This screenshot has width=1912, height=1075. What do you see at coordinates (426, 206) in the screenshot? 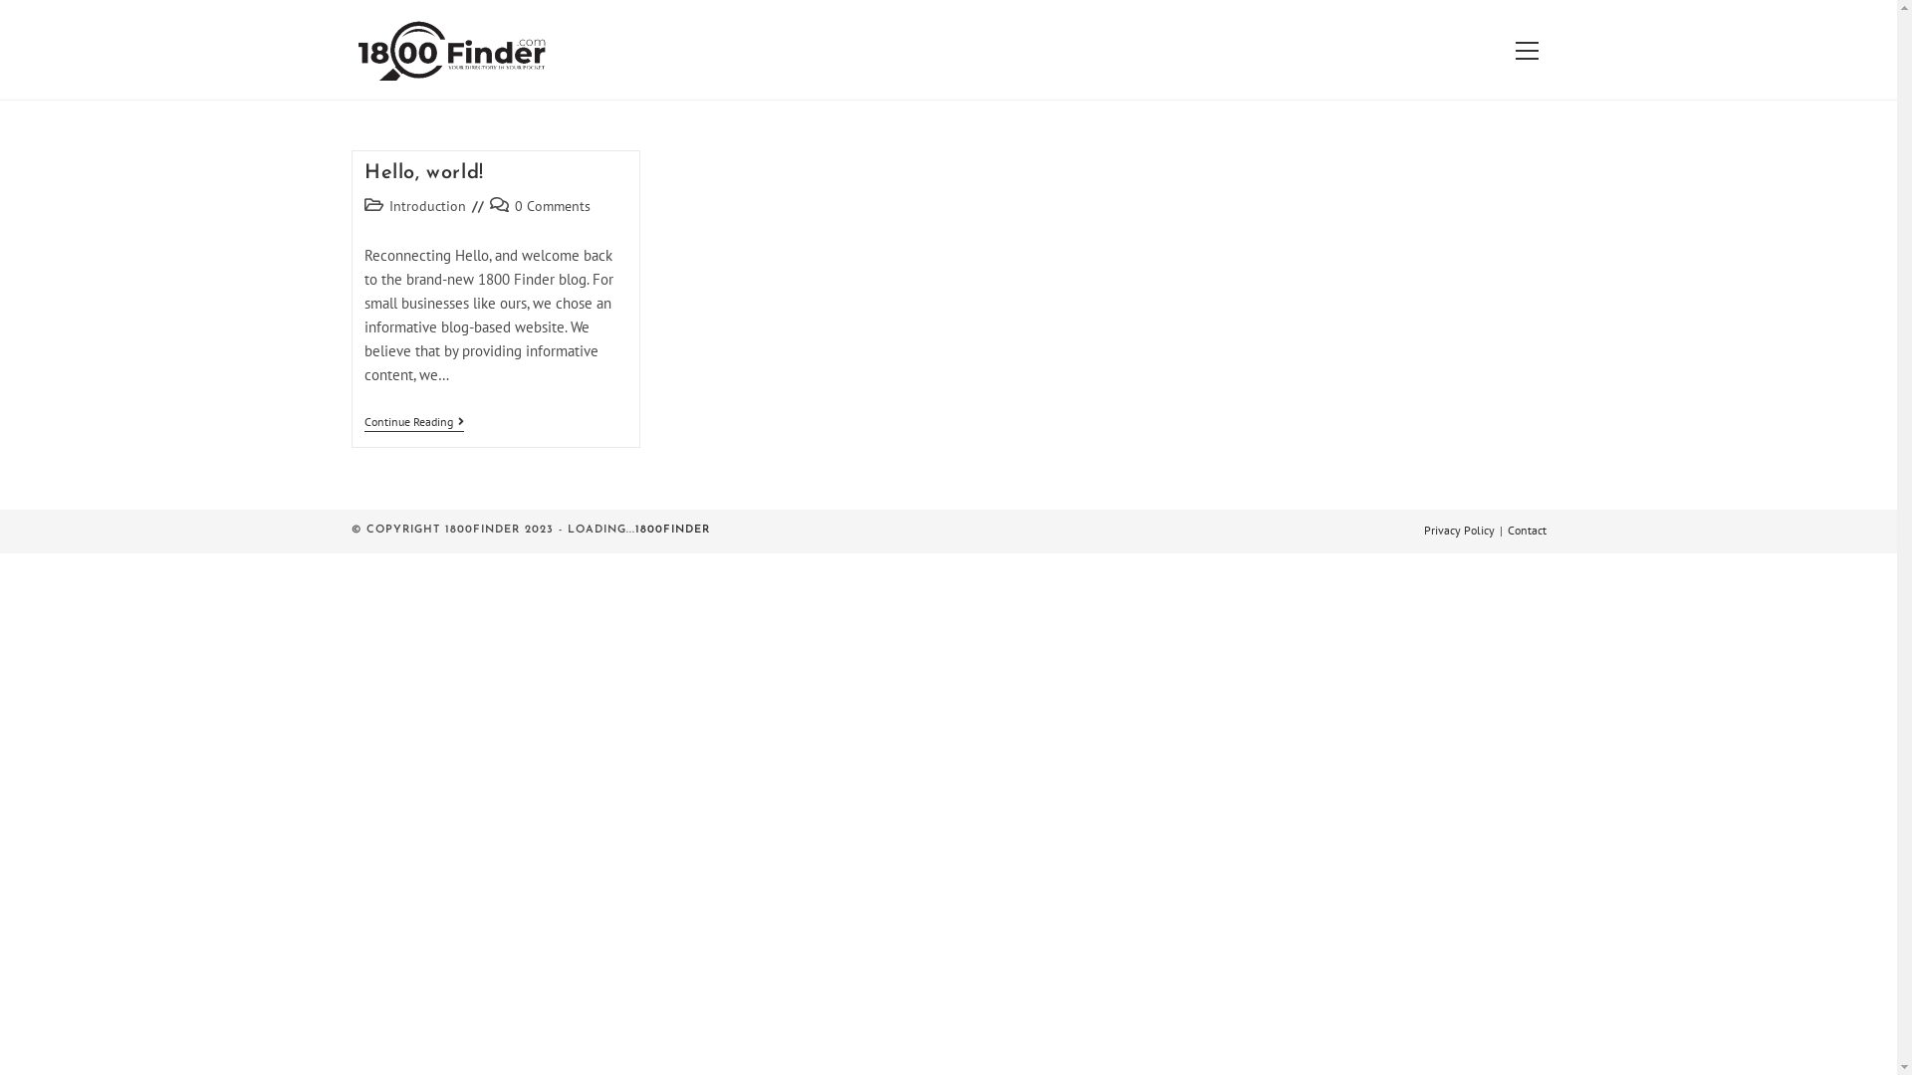
I see `'Introduction'` at bounding box center [426, 206].